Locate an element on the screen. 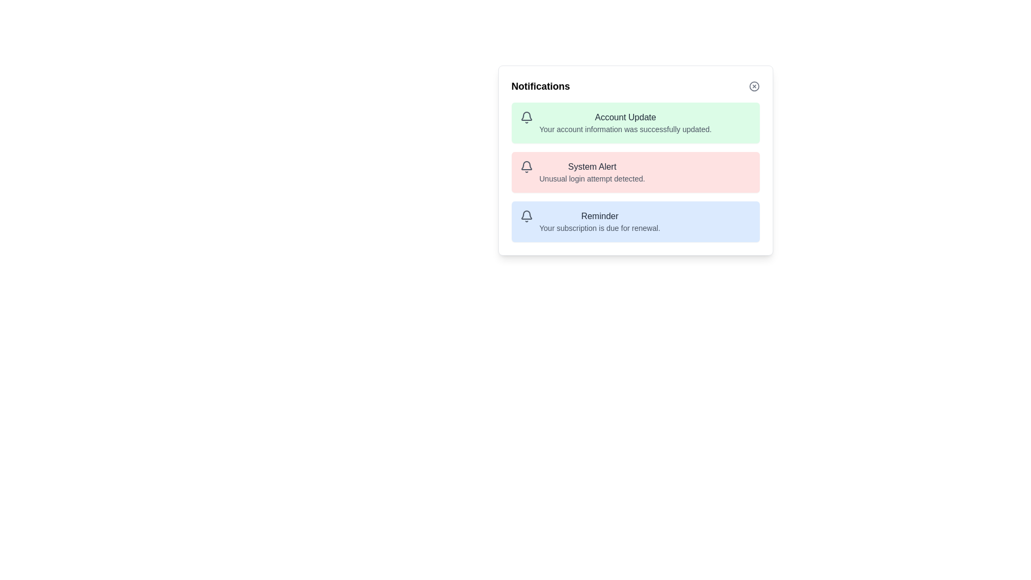 This screenshot has width=1031, height=580. the Informational Card displaying a reminder about subscription renewal, which is the third card in the notification alerts list is located at coordinates (635, 221).